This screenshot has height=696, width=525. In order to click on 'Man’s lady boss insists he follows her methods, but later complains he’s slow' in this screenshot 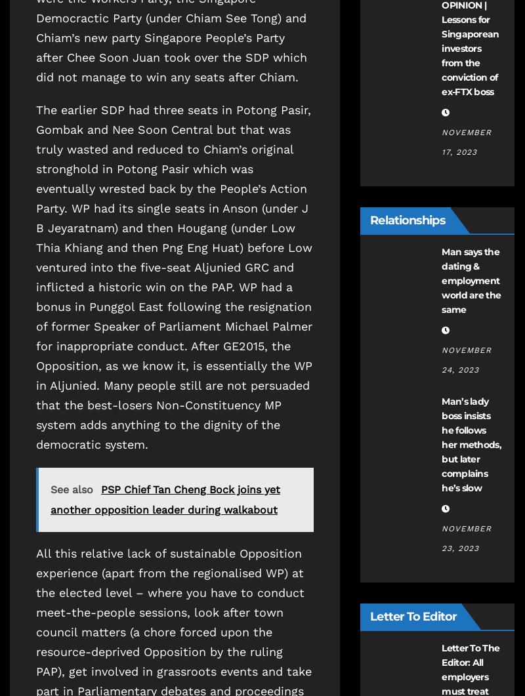, I will do `click(442, 443)`.